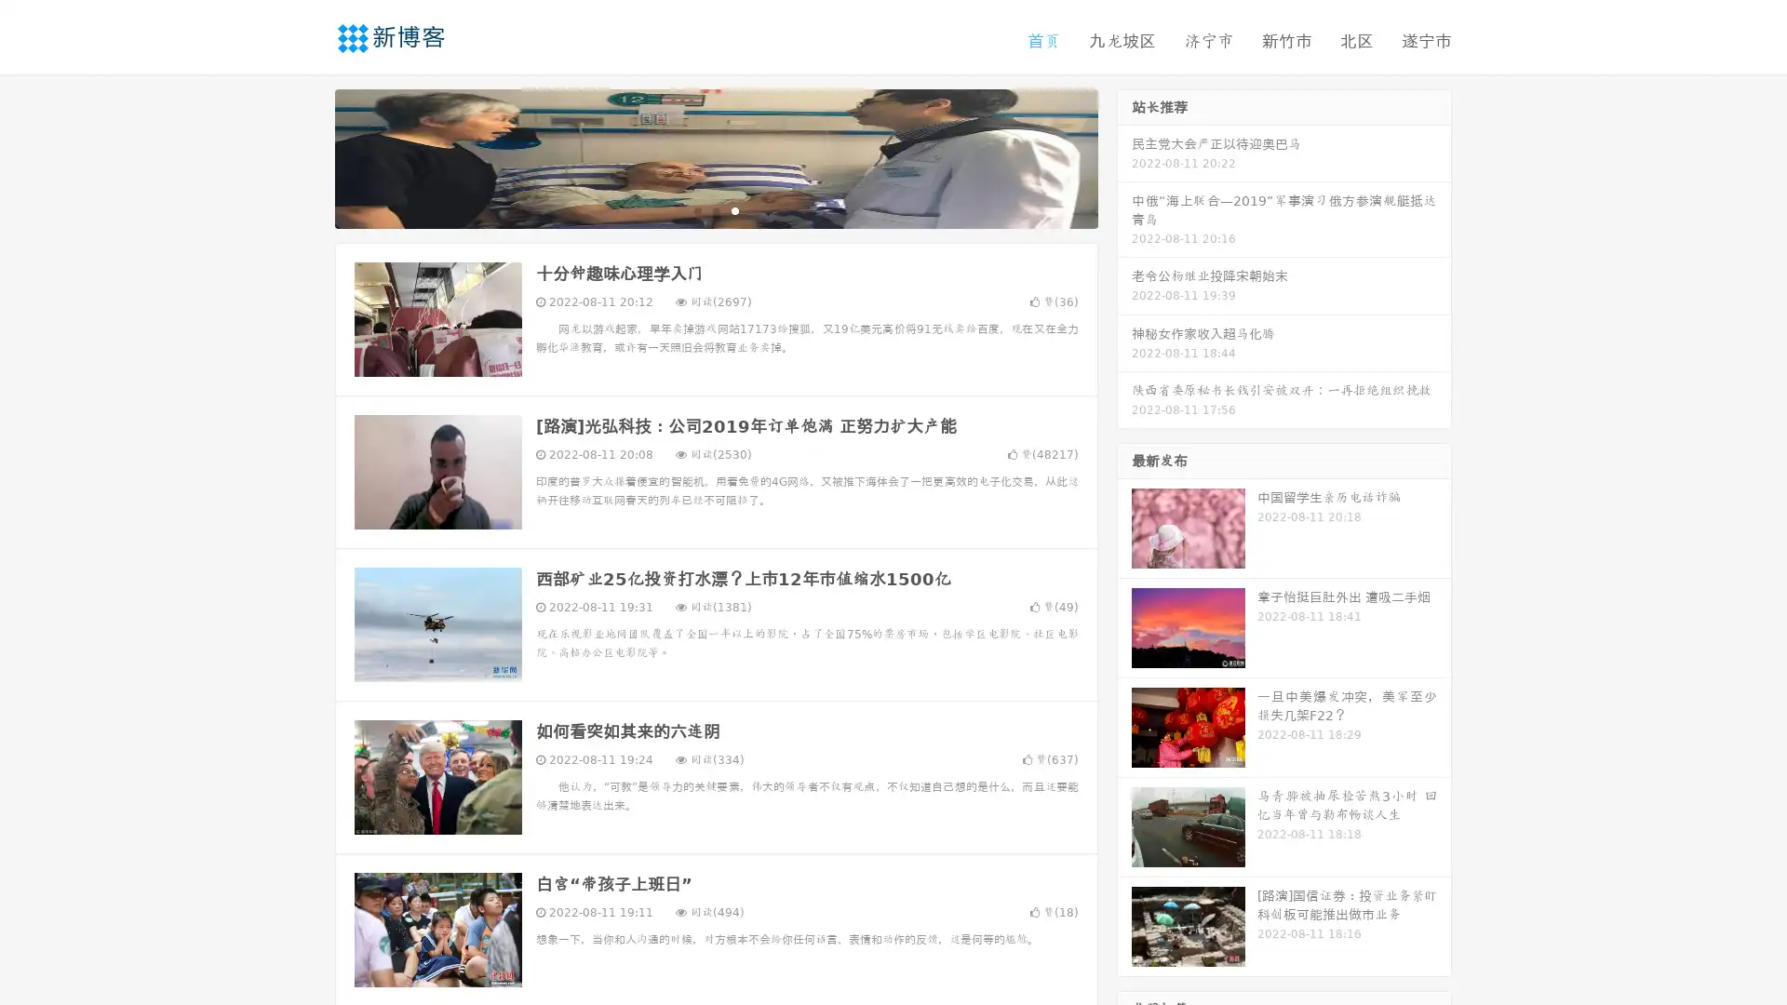 The image size is (1787, 1005). What do you see at coordinates (1124, 156) in the screenshot?
I see `Next slide` at bounding box center [1124, 156].